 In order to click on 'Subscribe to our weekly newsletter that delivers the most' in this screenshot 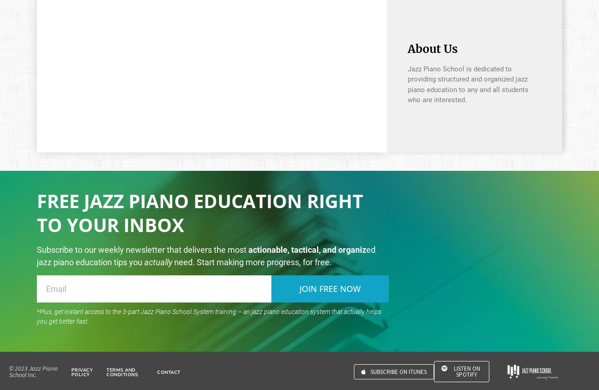, I will do `click(142, 249)`.